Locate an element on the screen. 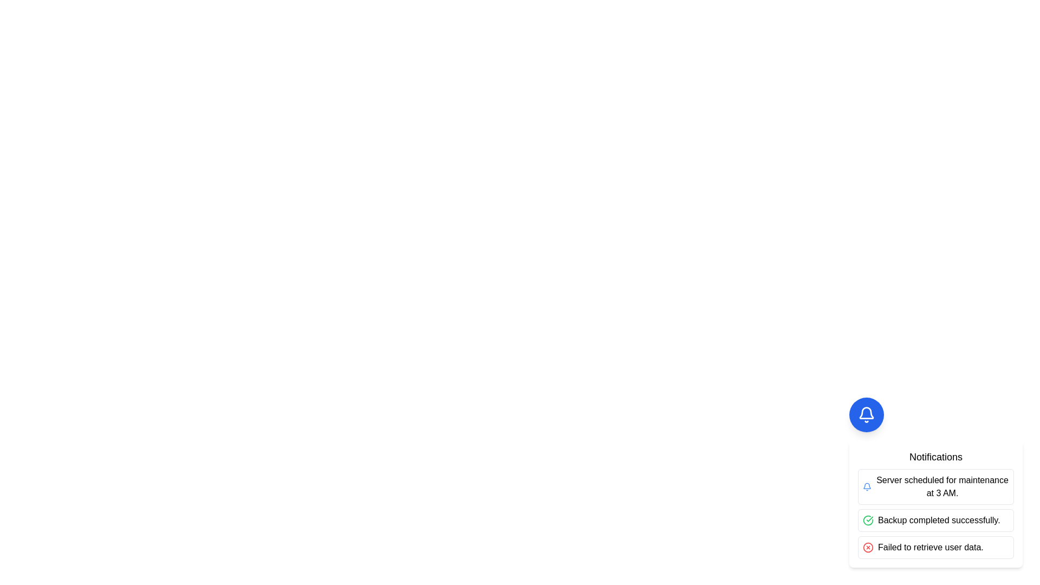 This screenshot has width=1040, height=585. the bold and large textual header labeled 'Notifications' at the top of the white notification panel is located at coordinates (935, 457).